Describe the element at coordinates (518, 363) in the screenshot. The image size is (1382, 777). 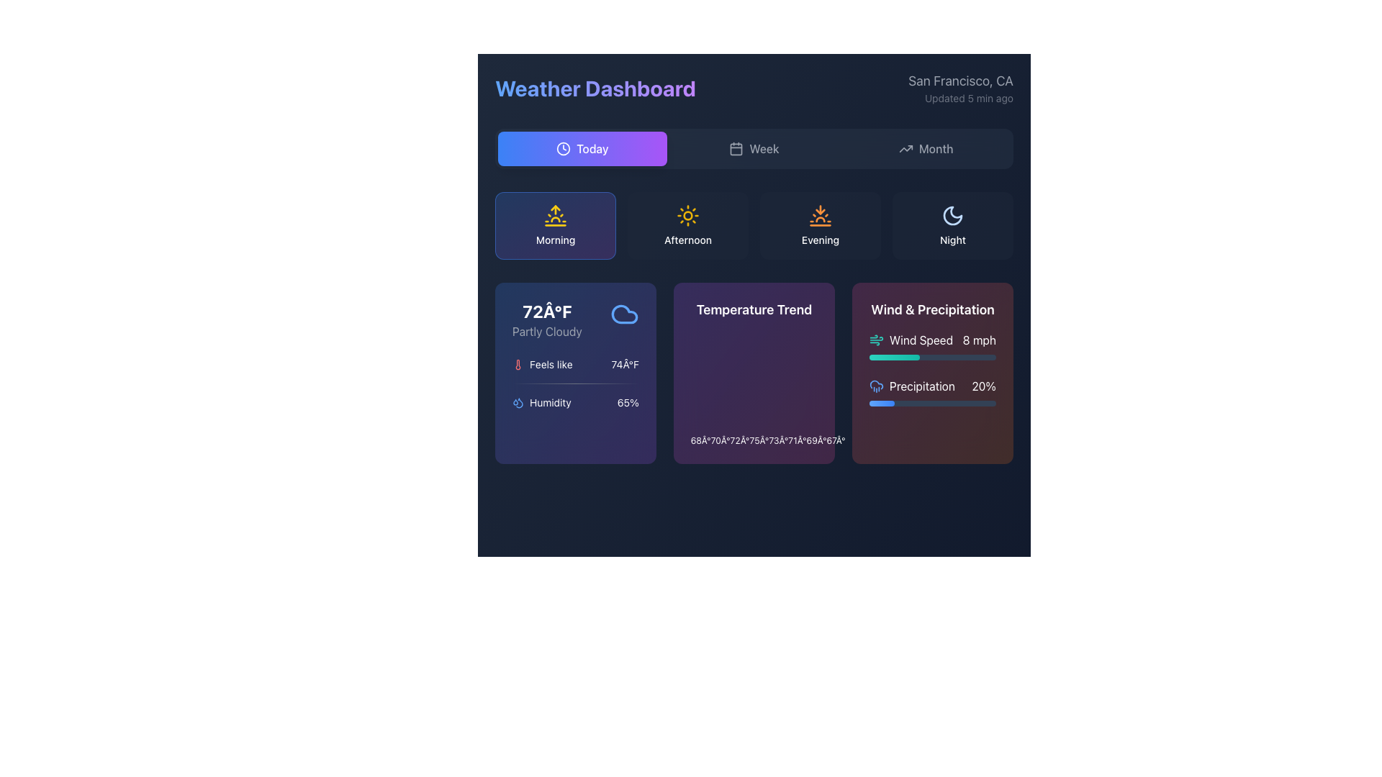
I see `the thermometer icon representing 'Feels like' temperature, located below the main temperature display on the left side of the dashboard` at that location.